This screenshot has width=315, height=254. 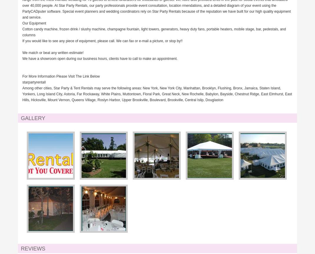 What do you see at coordinates (33, 248) in the screenshot?
I see `'Reviews'` at bounding box center [33, 248].